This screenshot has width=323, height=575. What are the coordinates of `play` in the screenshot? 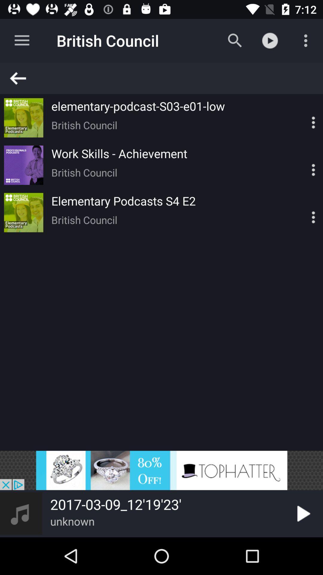 It's located at (302, 513).